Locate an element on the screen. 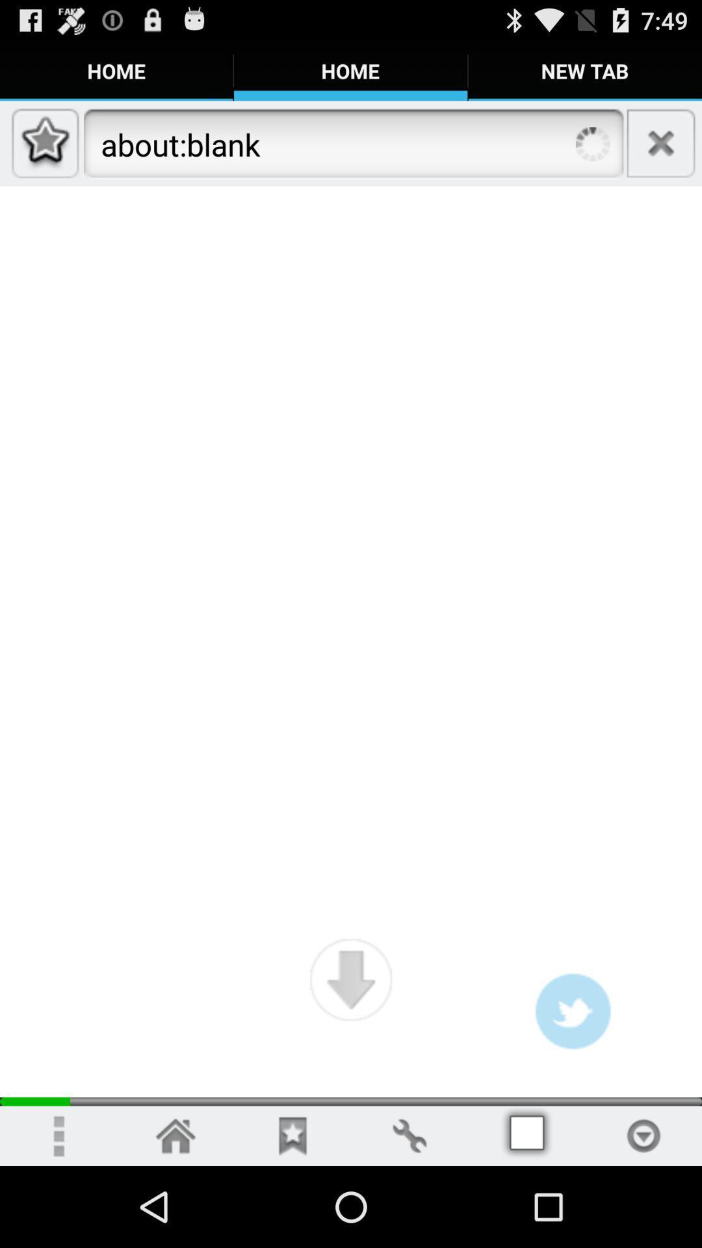  the more icon is located at coordinates (57, 1215).